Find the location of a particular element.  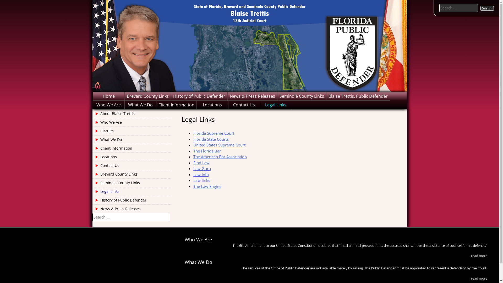

'read more' is located at coordinates (479, 255).